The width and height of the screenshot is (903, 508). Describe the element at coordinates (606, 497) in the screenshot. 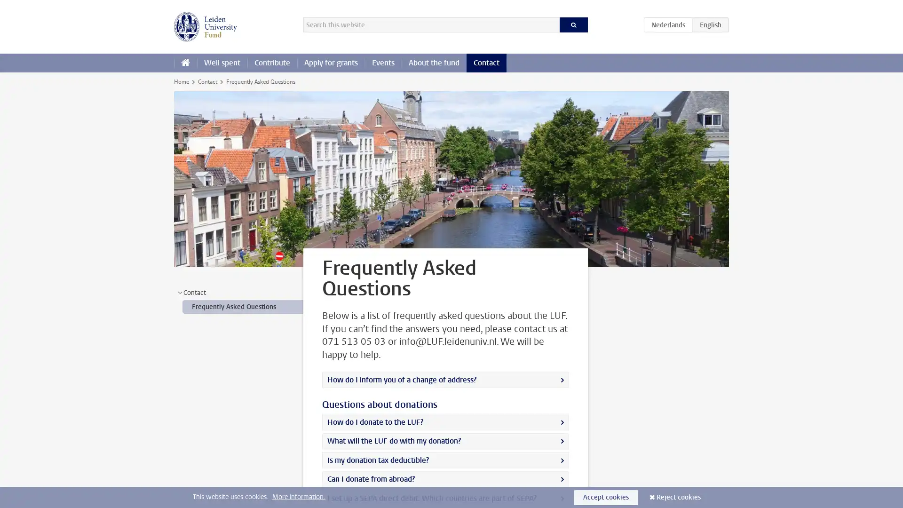

I see `Accept cookies` at that location.